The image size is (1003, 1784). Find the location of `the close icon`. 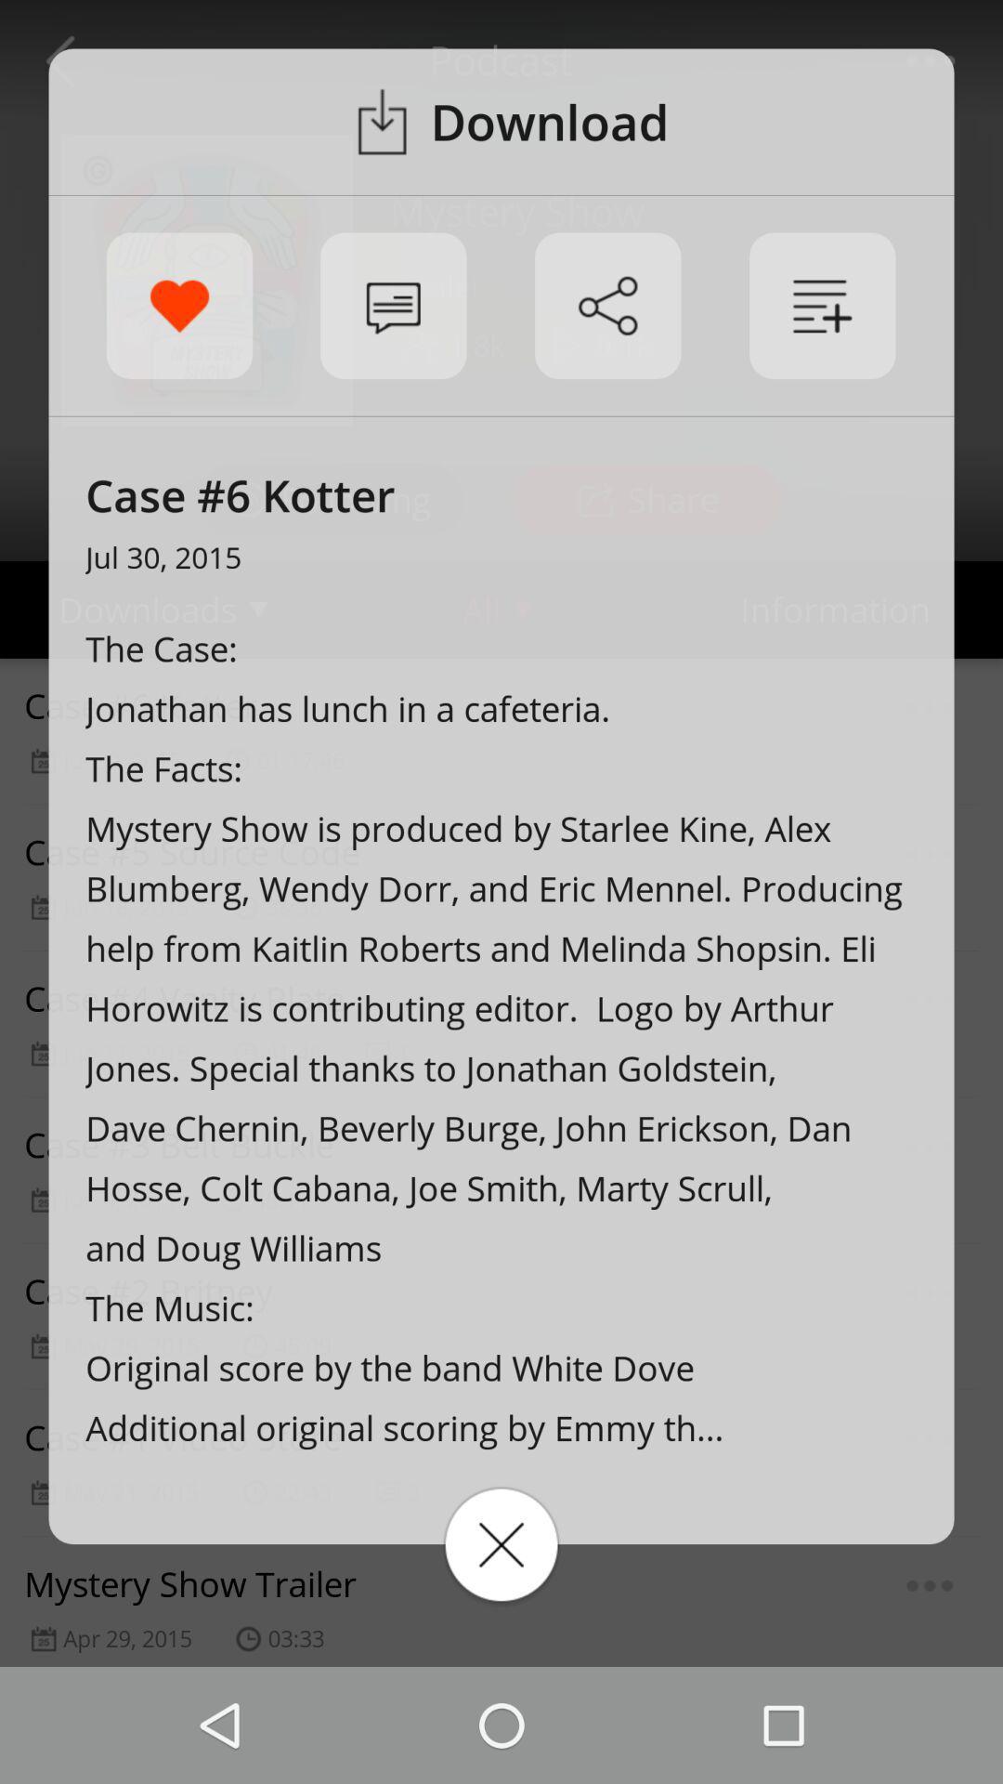

the close icon is located at coordinates (501, 1653).